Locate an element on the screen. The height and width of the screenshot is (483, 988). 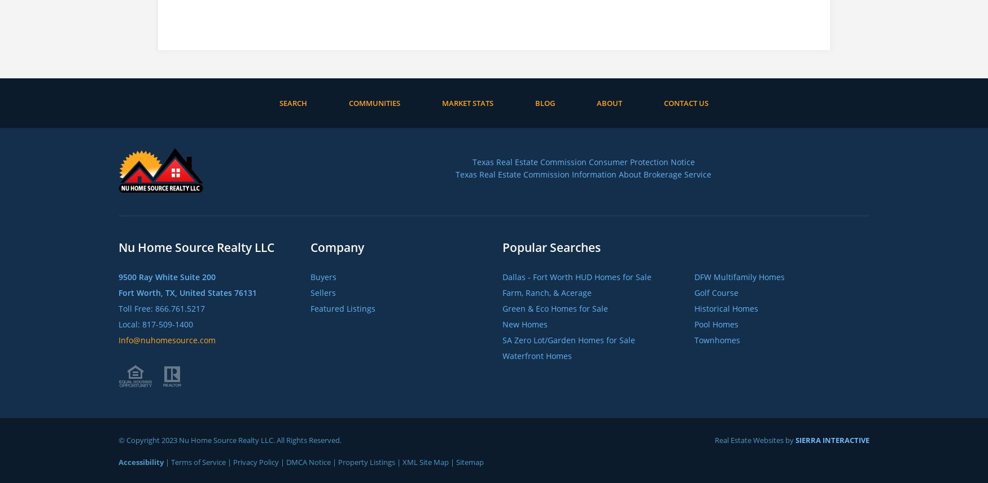
'Texas Real Estate Commission Information About Brokerage Service' is located at coordinates (583, 173).